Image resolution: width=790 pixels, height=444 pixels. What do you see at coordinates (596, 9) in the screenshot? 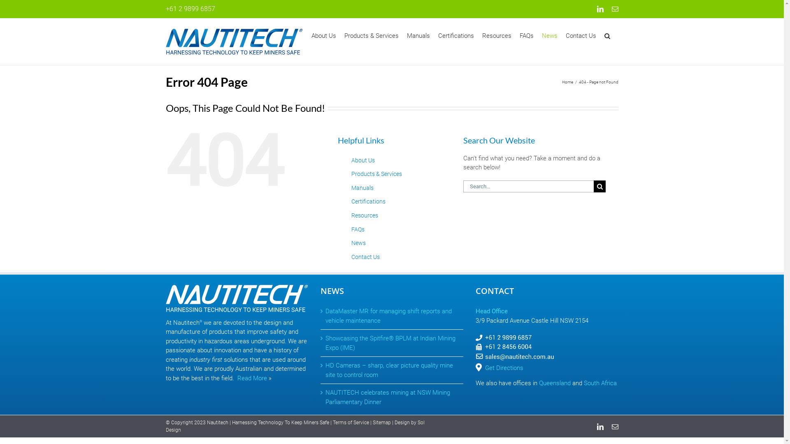
I see `'LinkedIn'` at bounding box center [596, 9].